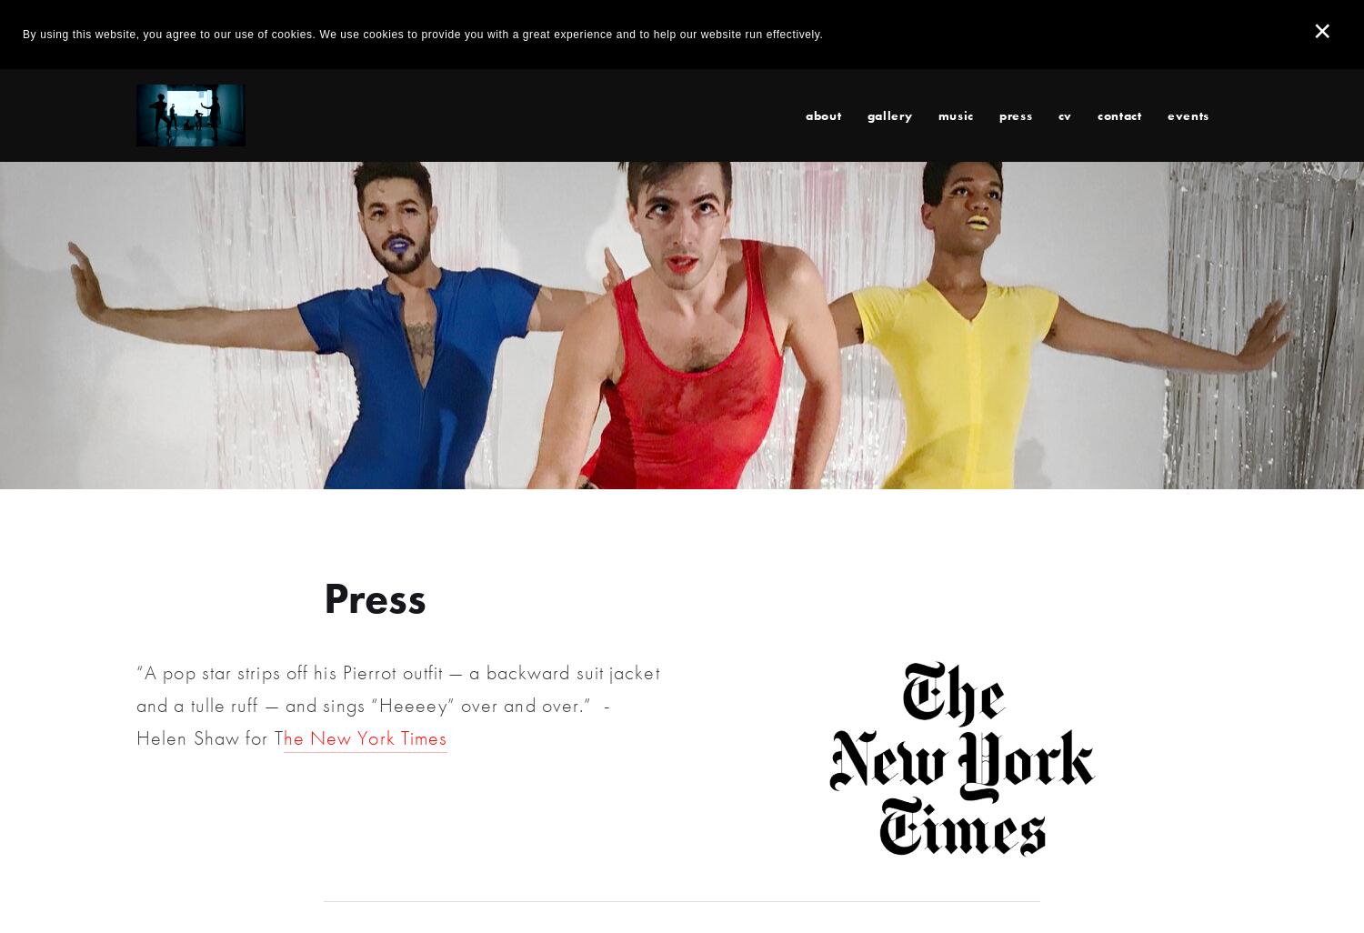  I want to click on 'Events', so click(1188, 114).